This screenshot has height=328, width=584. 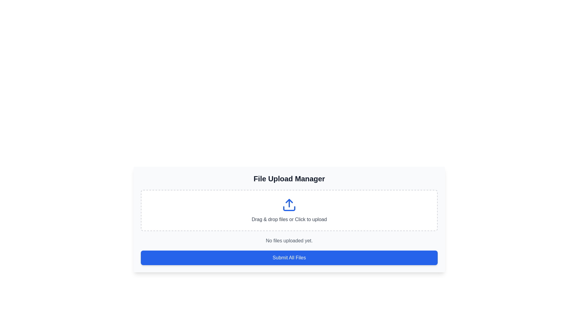 What do you see at coordinates (289, 219) in the screenshot?
I see `the instructional text that says 'Drag & drop files or Click to upload', which is styled in gray font and located beneath a blue upward arrow icon` at bounding box center [289, 219].